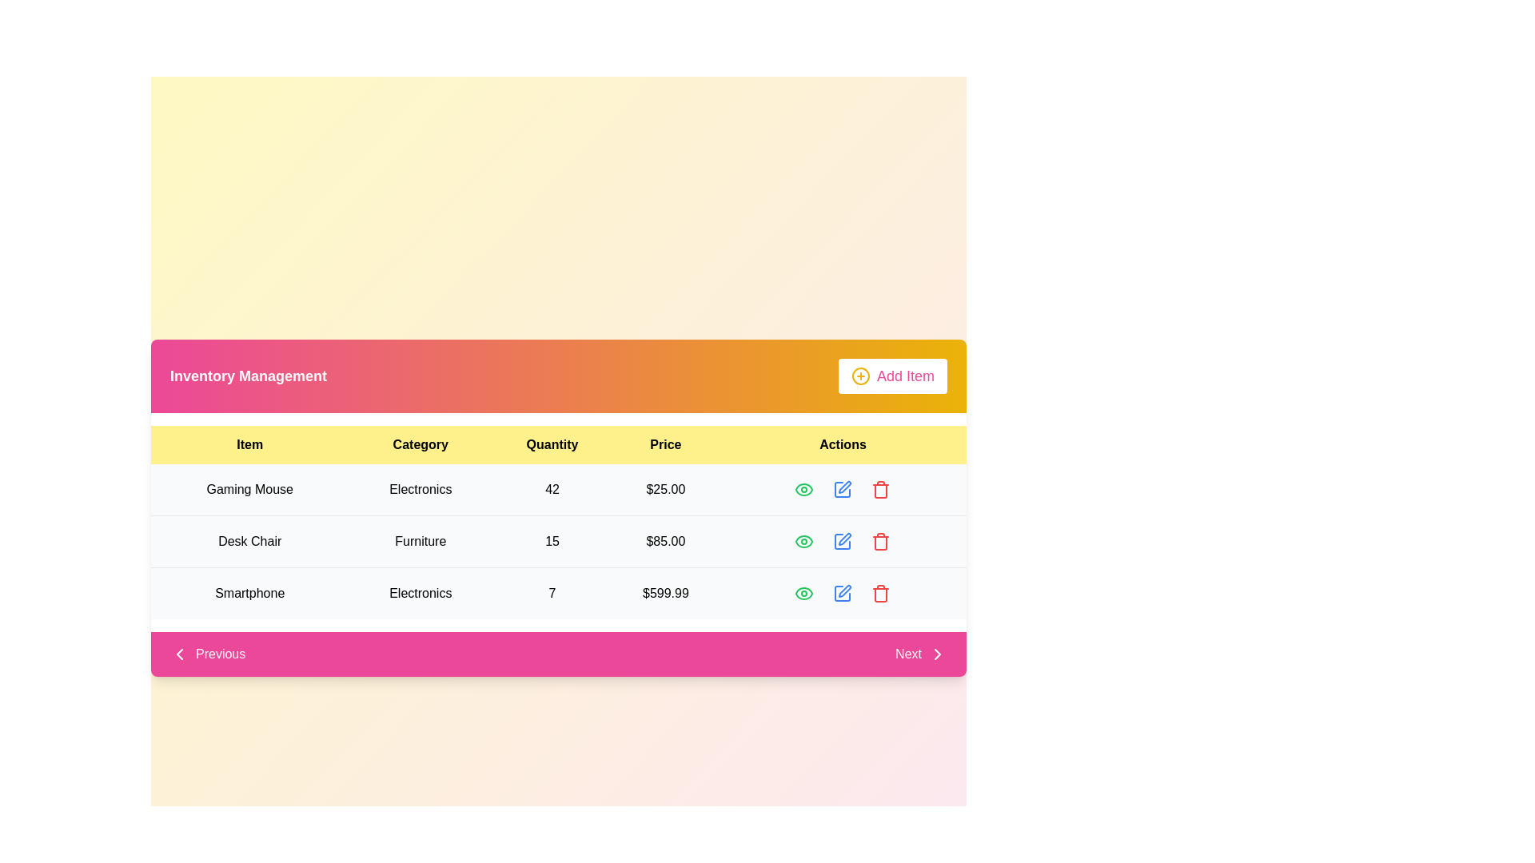 The height and width of the screenshot is (863, 1535). I want to click on the right-pointing chevron icon located in the pink navigation bar at the bottom-right corner of the interface, so click(937, 654).